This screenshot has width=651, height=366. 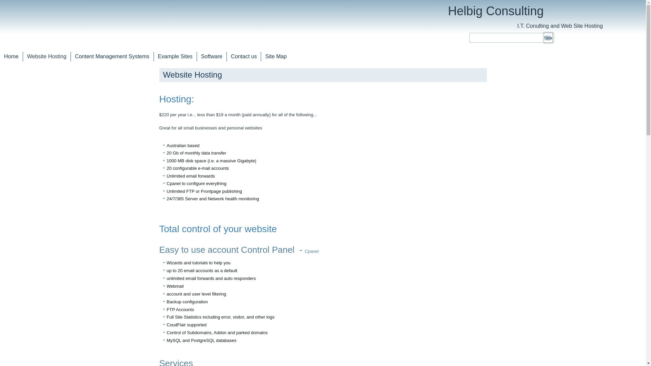 What do you see at coordinates (496, 11) in the screenshot?
I see `'Helbig Consulting'` at bounding box center [496, 11].